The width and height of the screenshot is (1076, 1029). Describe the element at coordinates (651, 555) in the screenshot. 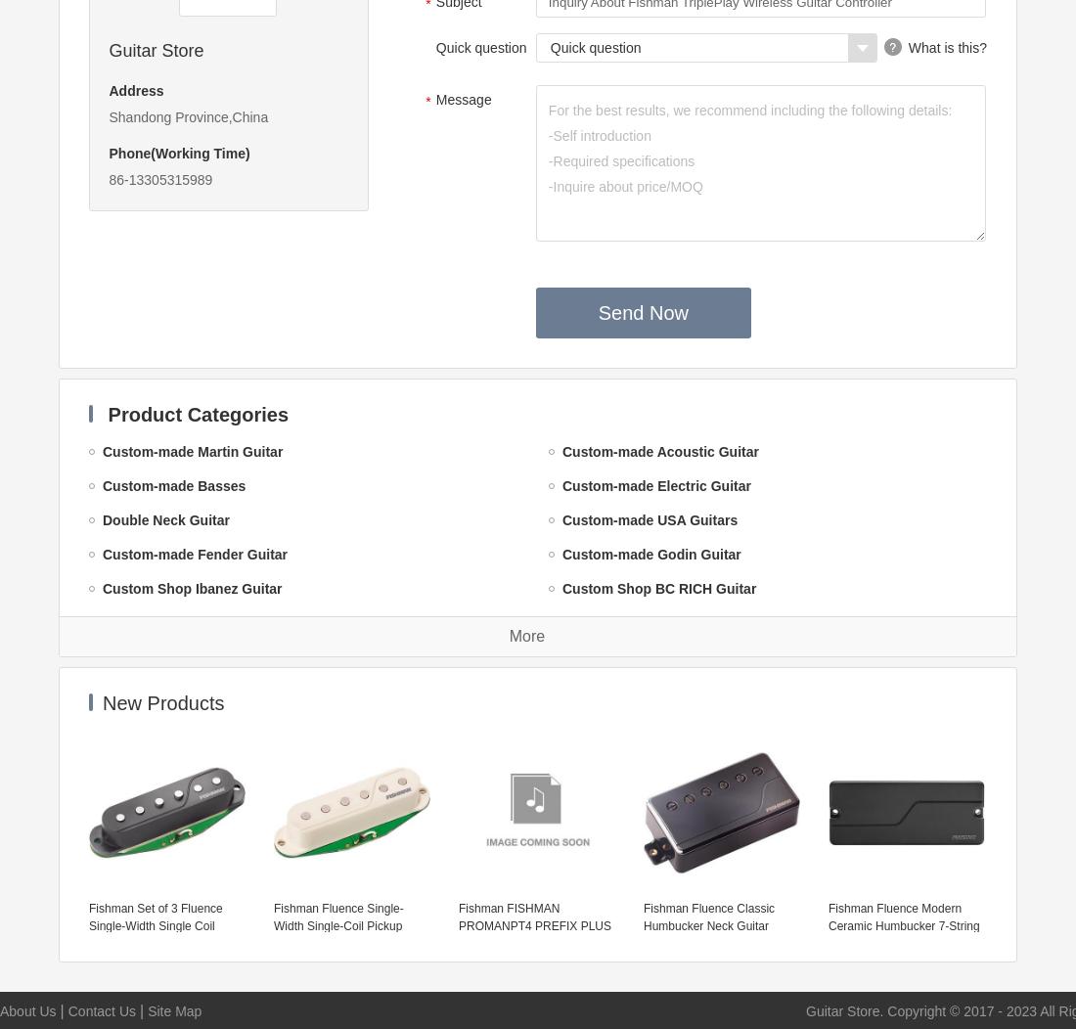

I see `'Custom-made Godin Guitar'` at that location.